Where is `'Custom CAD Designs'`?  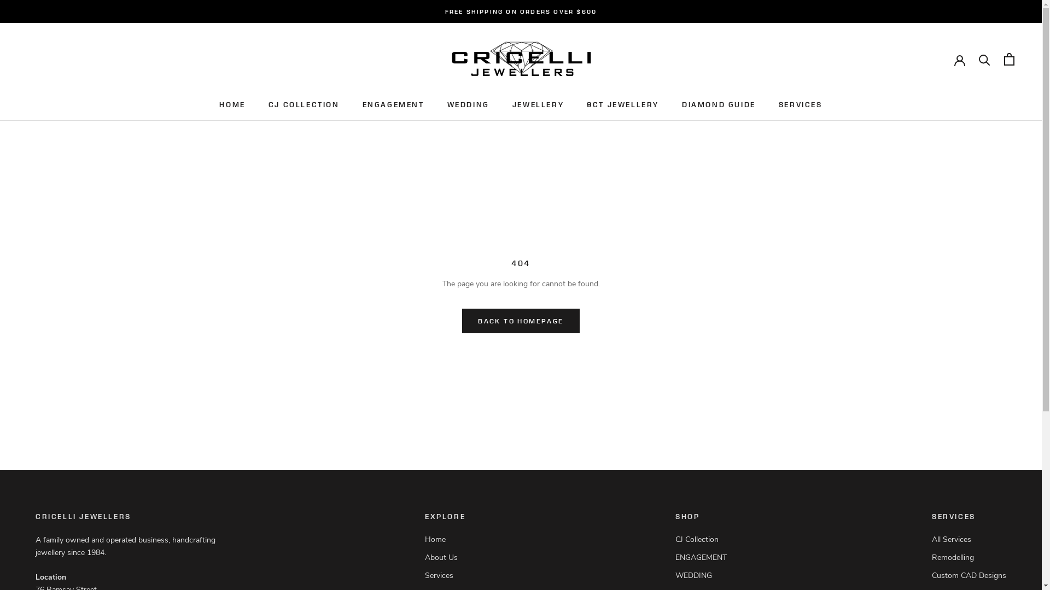
'Custom CAD Designs' is located at coordinates (969, 575).